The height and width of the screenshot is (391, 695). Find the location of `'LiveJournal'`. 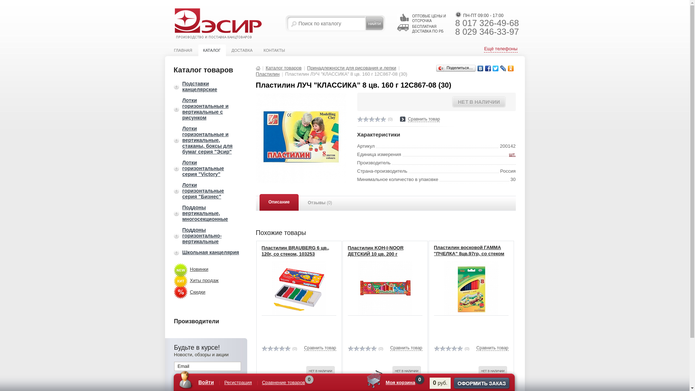

'LiveJournal' is located at coordinates (503, 68).